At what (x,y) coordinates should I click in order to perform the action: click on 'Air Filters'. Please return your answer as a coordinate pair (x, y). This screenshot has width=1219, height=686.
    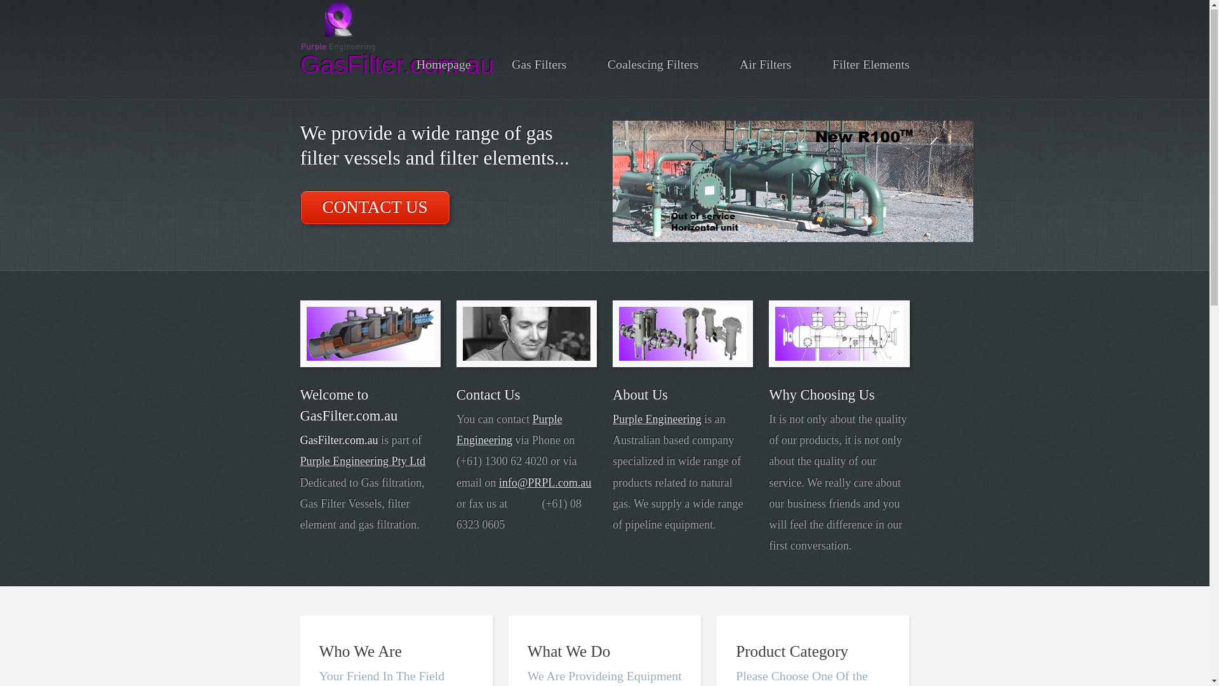
    Looking at the image, I should click on (764, 64).